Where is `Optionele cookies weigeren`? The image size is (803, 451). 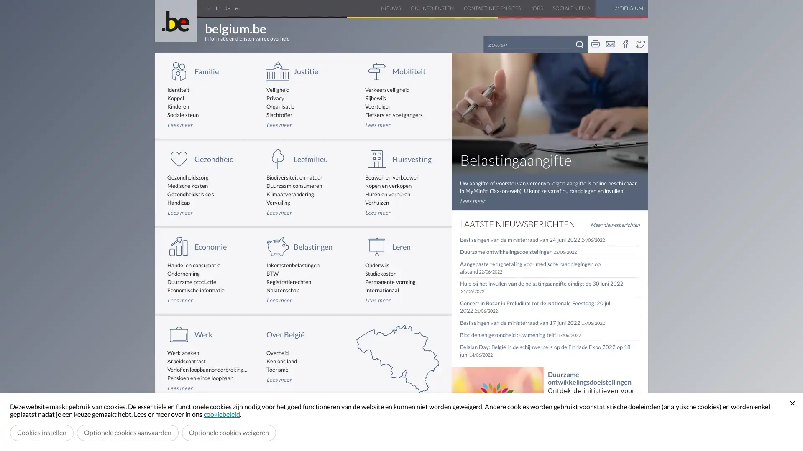
Optionele cookies weigeren is located at coordinates (229, 432).